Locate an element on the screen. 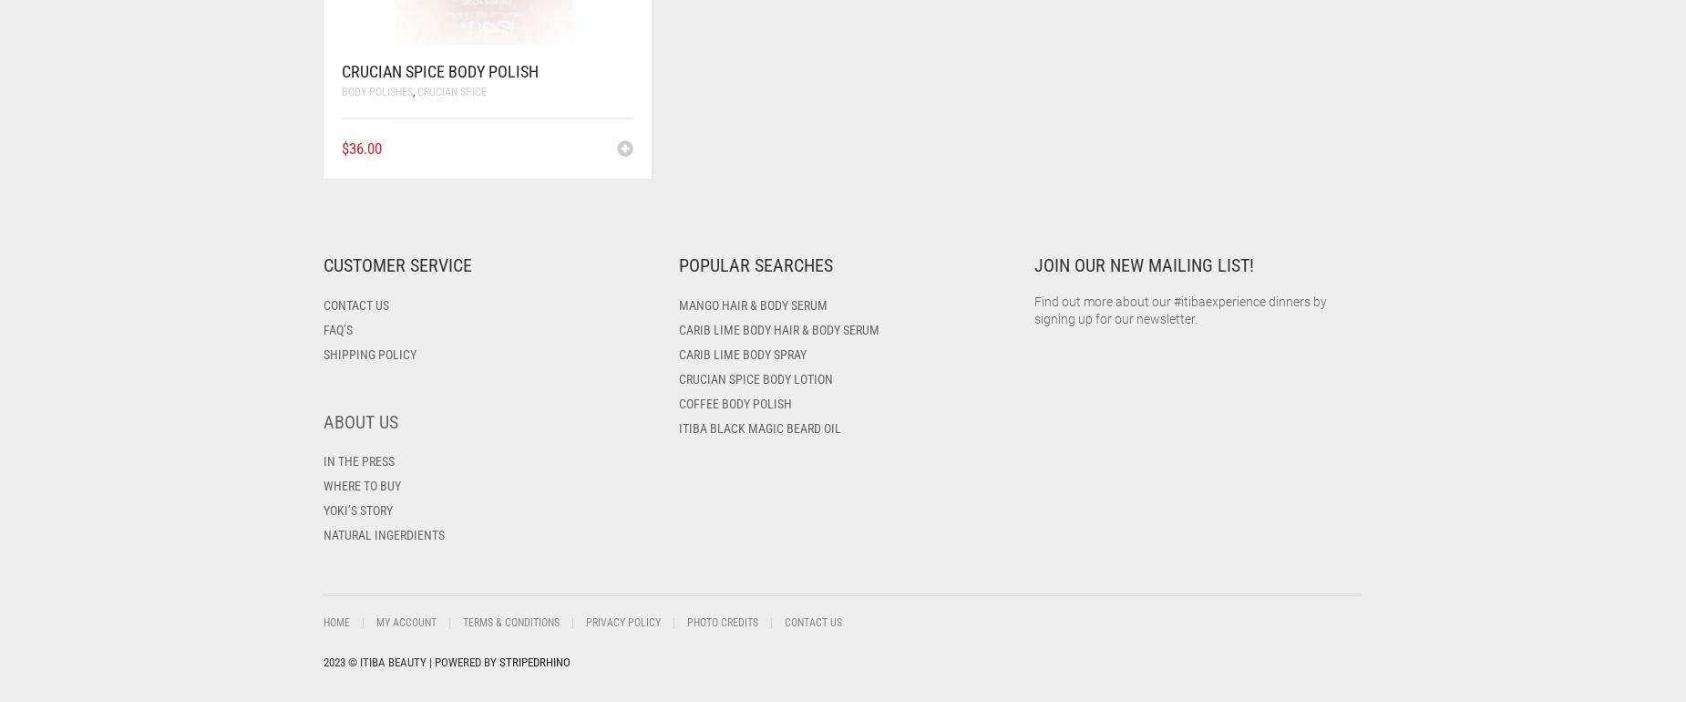  'Customer Service' is located at coordinates (396, 264).